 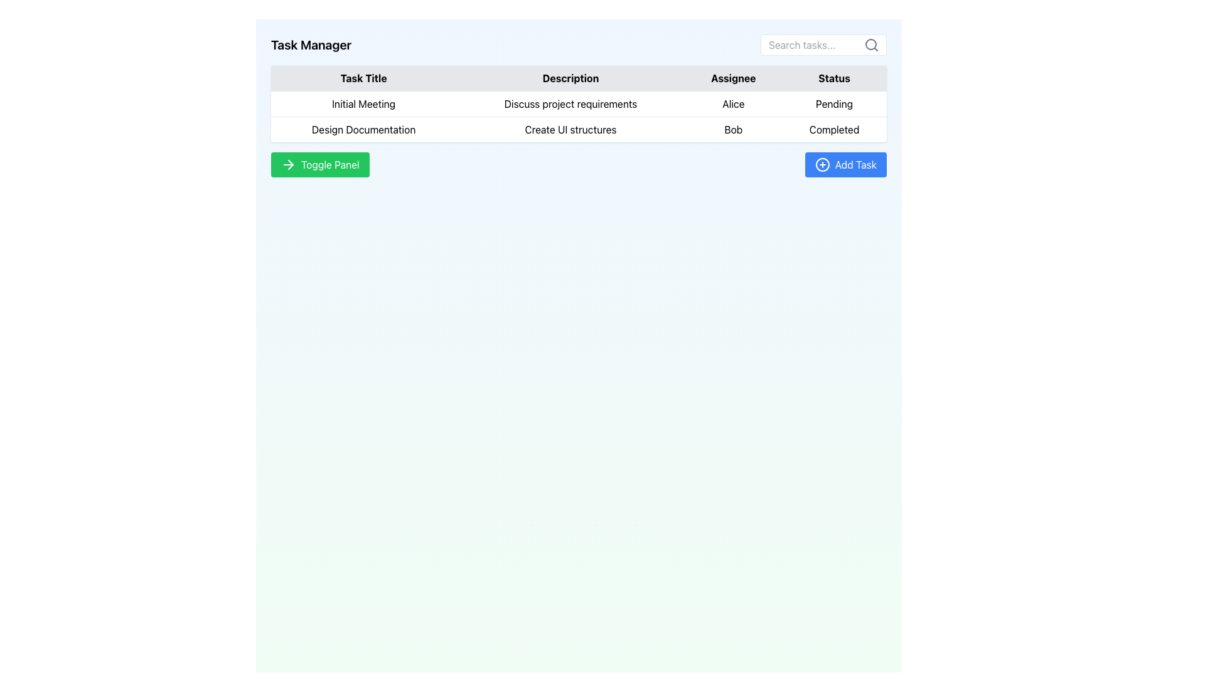 I want to click on the 'Status' label in the header row of the task table, which is the fourth column from the left and positioned in the top-right section of the interface, so click(x=834, y=78).